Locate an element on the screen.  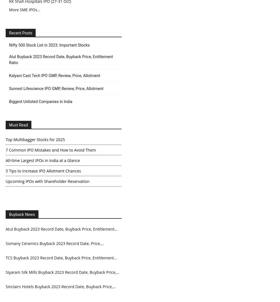
'Somany Ceramics Buyback 2023 Record Date, Price, Entitlement Ratio' is located at coordinates (53, 247).